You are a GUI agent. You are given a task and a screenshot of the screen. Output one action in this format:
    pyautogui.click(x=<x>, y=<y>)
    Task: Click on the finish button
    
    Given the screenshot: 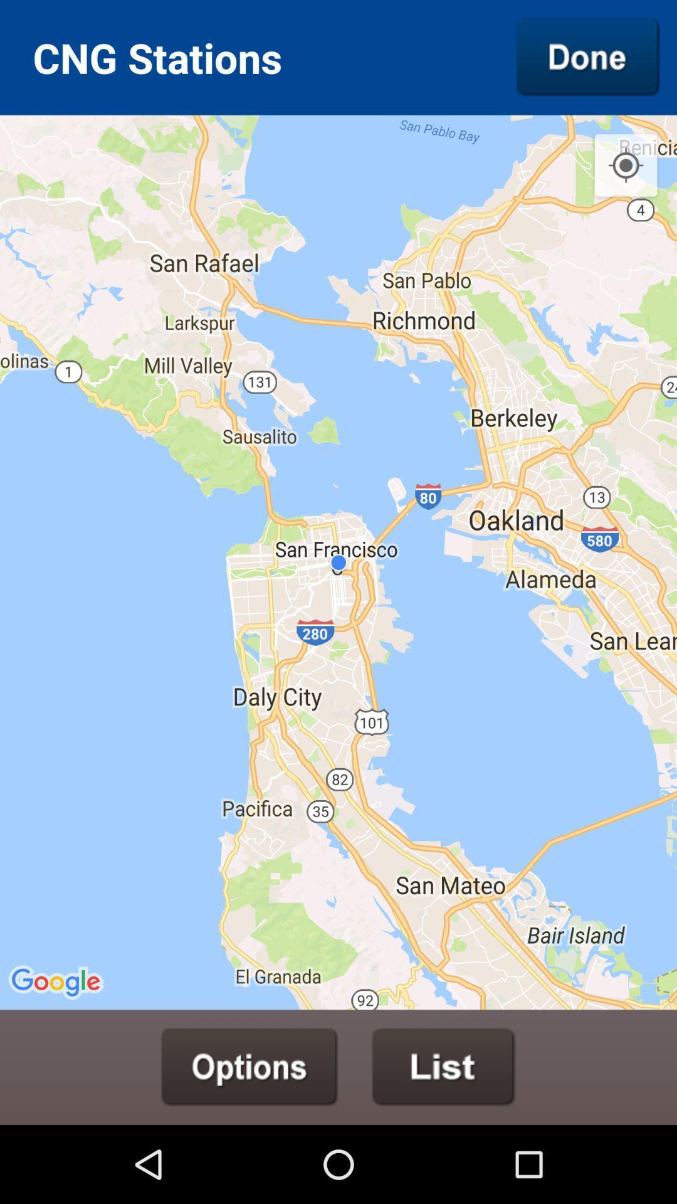 What is the action you would take?
    pyautogui.click(x=588, y=56)
    